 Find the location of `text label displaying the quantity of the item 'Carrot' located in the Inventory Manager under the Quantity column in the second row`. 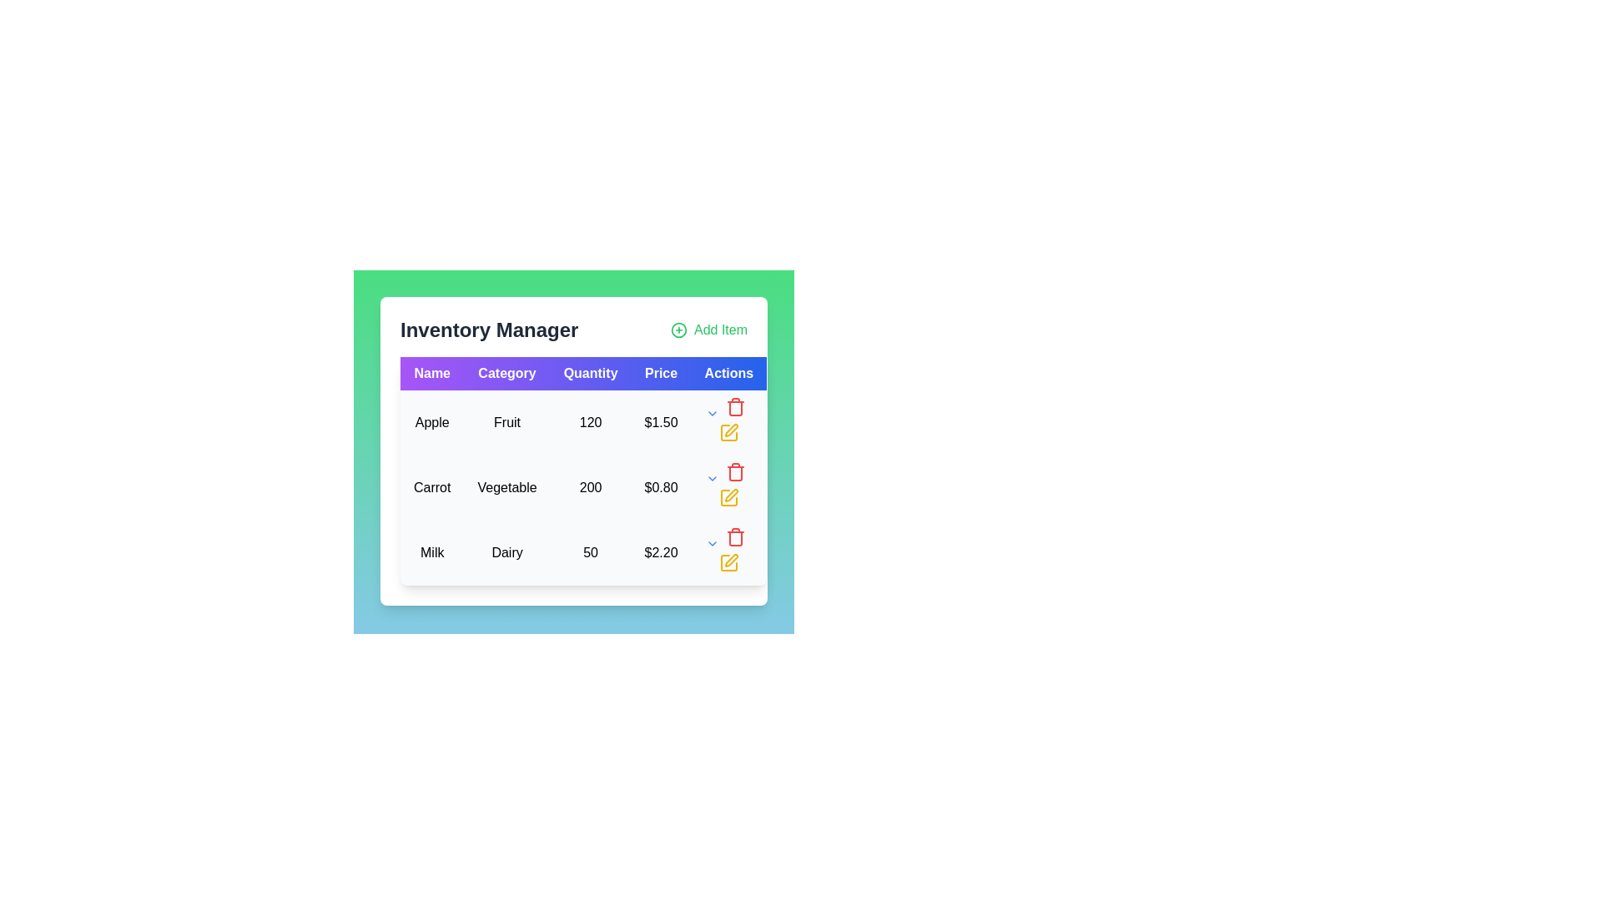

text label displaying the quantity of the item 'Carrot' located in the Inventory Manager under the Quantity column in the second row is located at coordinates (591, 488).